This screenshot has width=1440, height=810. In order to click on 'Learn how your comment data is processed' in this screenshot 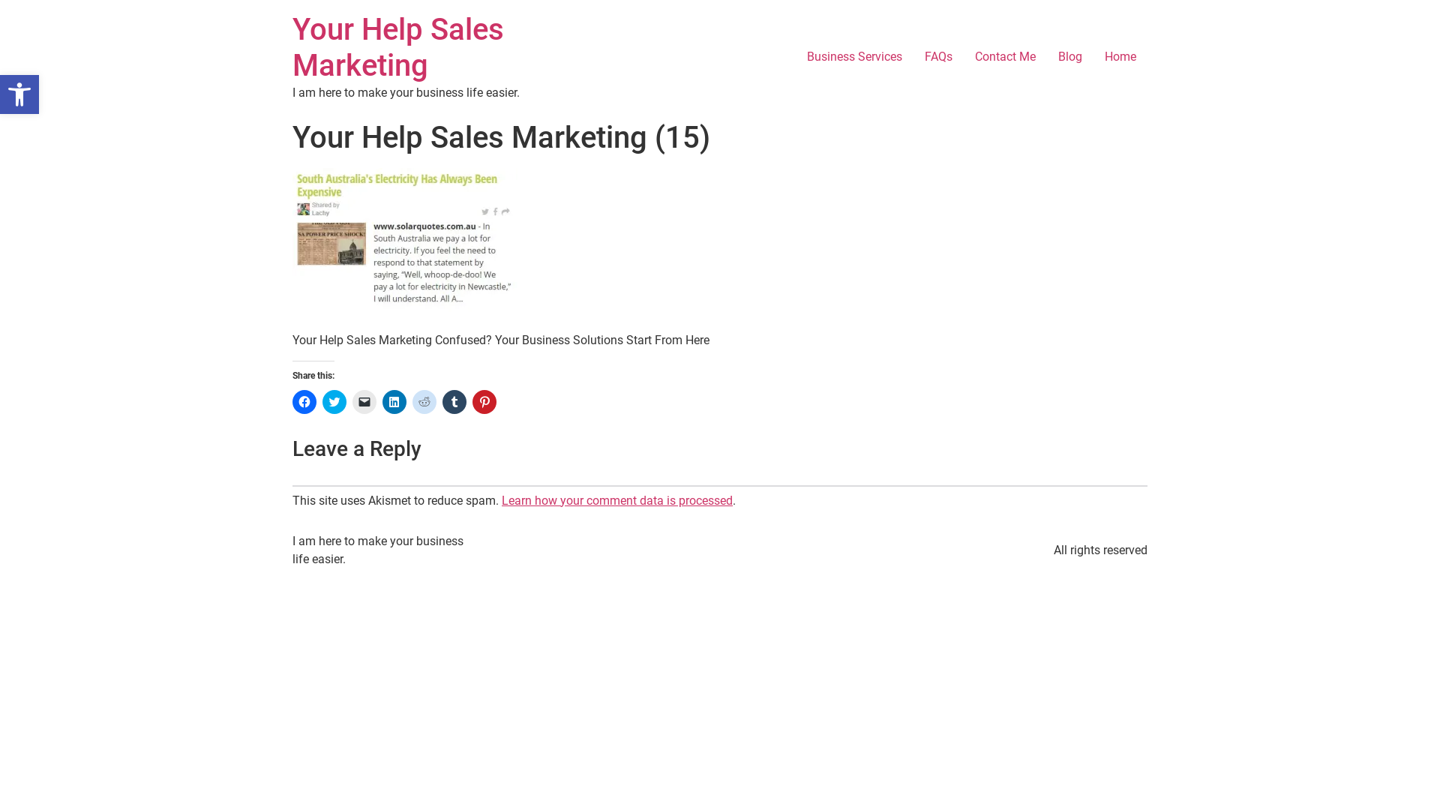, I will do `click(616, 500)`.